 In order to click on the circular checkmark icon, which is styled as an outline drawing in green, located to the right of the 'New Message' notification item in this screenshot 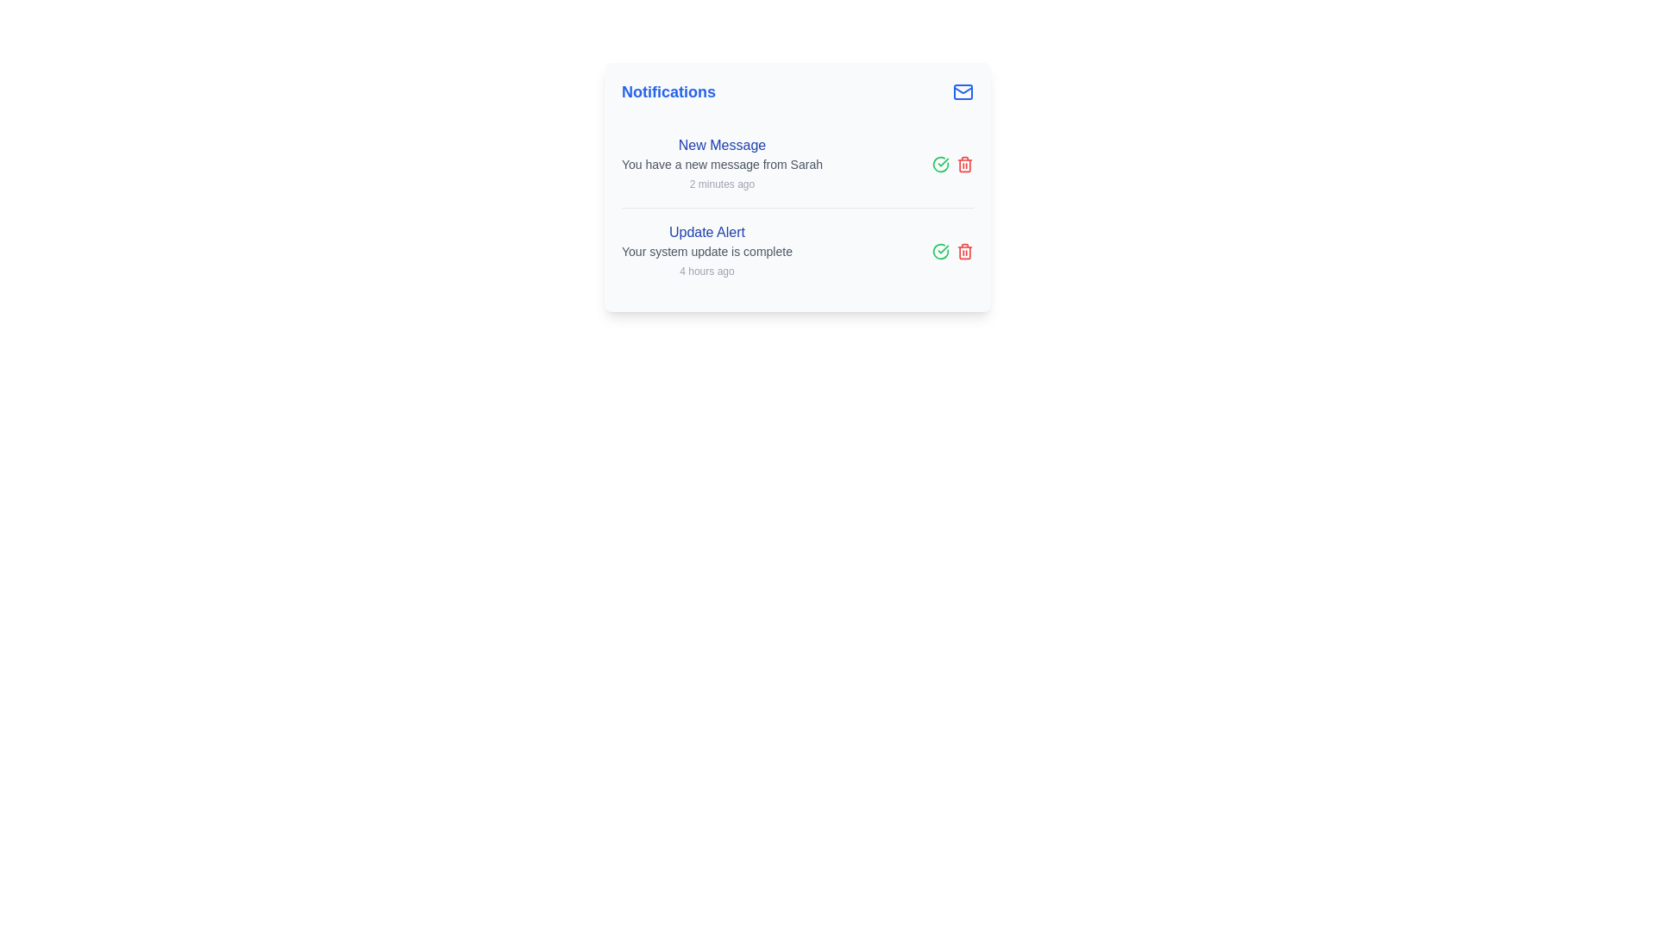, I will do `click(939, 252)`.